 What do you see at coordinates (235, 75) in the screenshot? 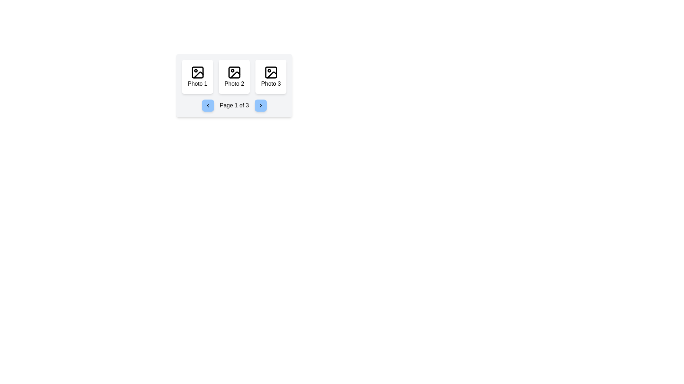
I see `the Icon decoration located in the center of the middle image icon within a three-icon group on the page` at bounding box center [235, 75].